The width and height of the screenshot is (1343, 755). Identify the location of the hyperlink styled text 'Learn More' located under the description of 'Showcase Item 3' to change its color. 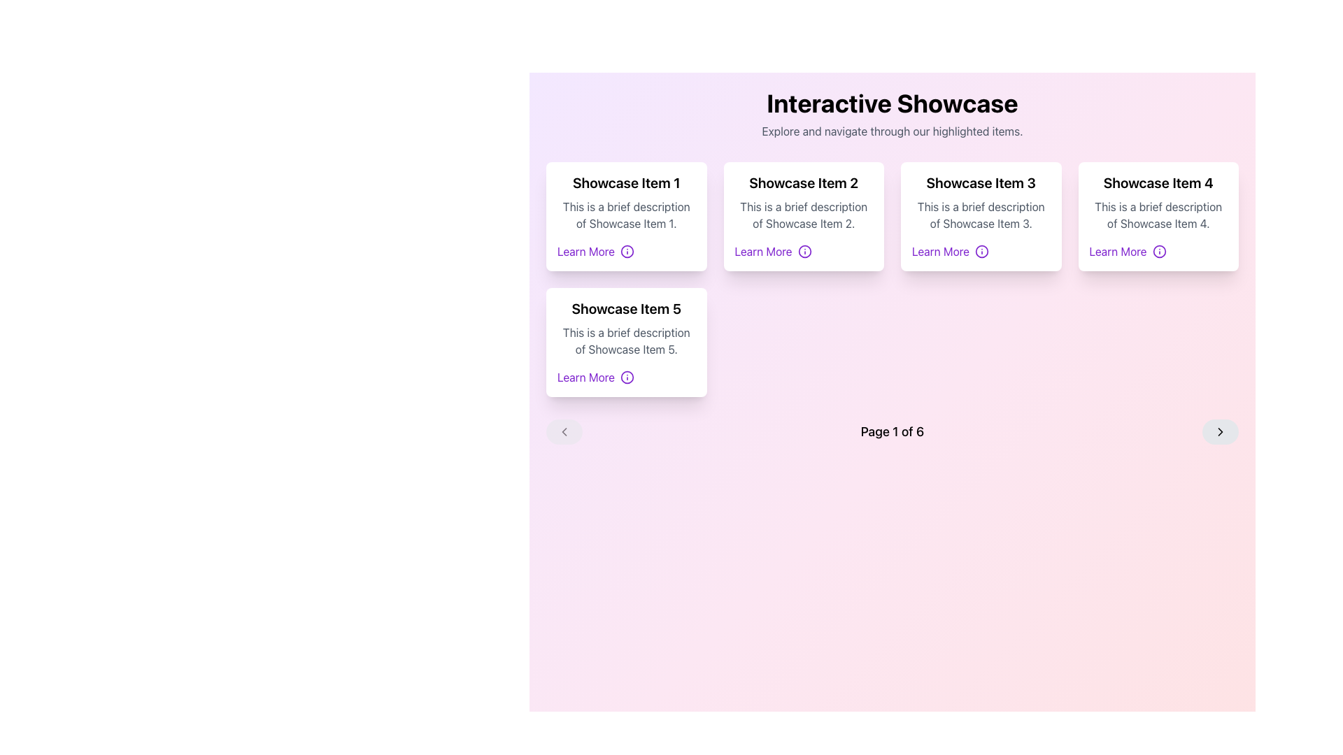
(980, 250).